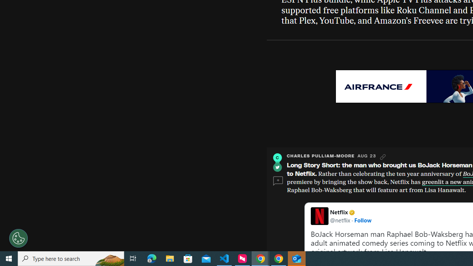 The width and height of the screenshot is (473, 266). I want to click on 'Comments', so click(278, 181).